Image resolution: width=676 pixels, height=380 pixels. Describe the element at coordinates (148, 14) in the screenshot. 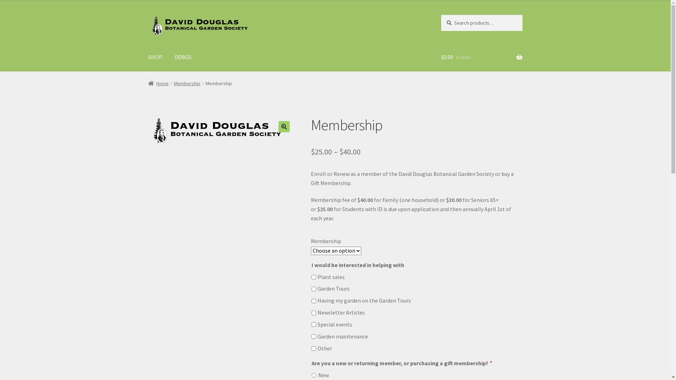

I see `'Skip to navigation'` at that location.